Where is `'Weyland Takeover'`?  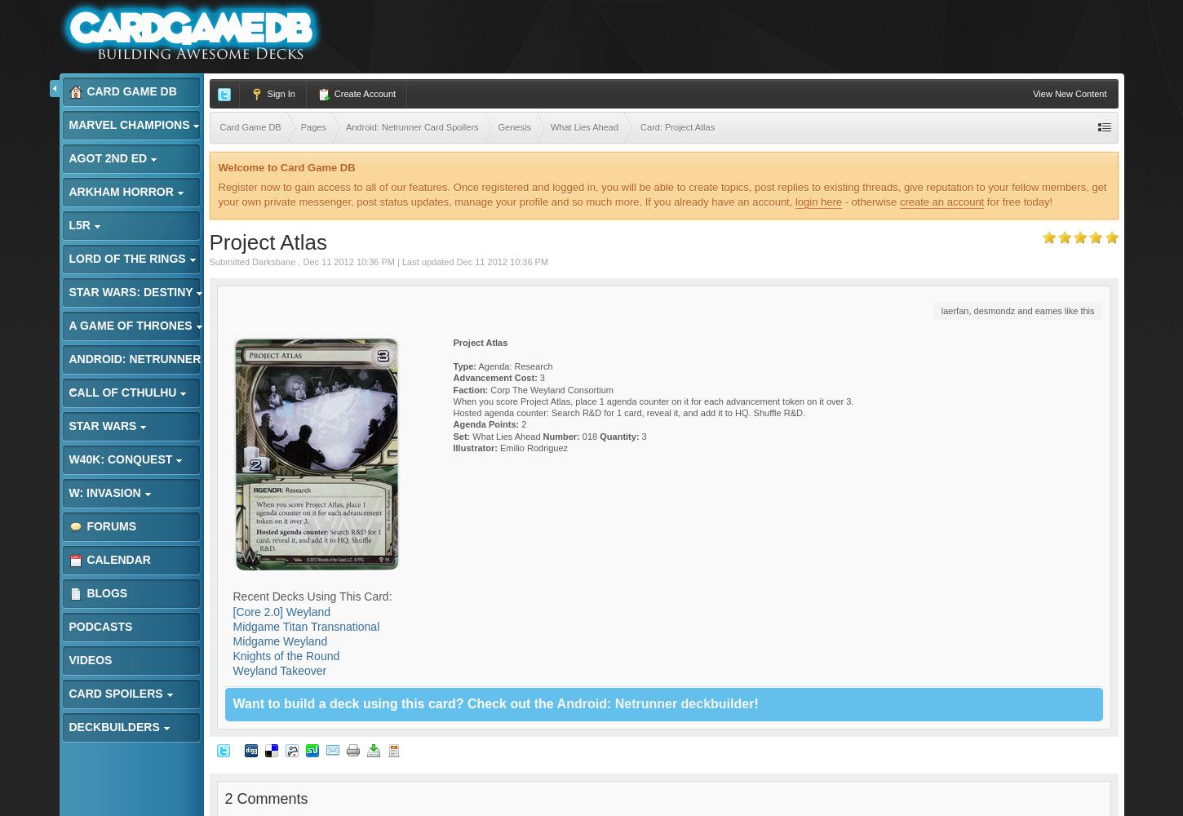
'Weyland Takeover' is located at coordinates (279, 670).